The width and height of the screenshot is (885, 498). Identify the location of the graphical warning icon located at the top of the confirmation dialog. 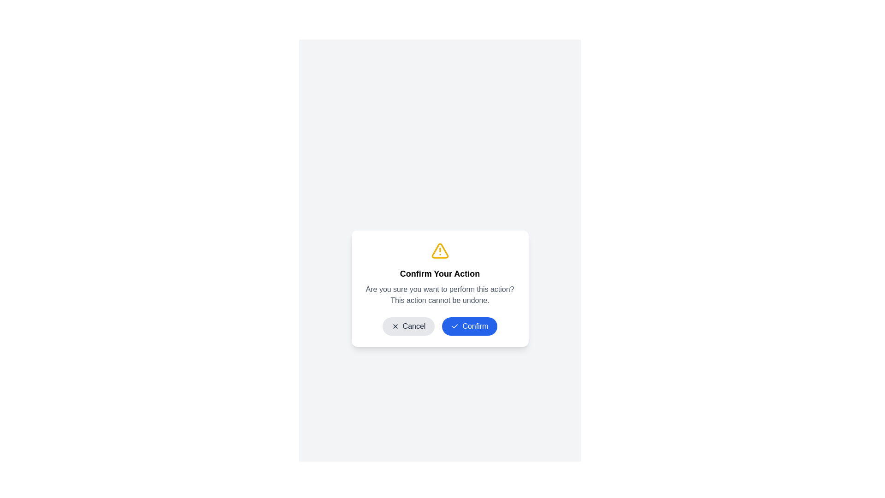
(439, 250).